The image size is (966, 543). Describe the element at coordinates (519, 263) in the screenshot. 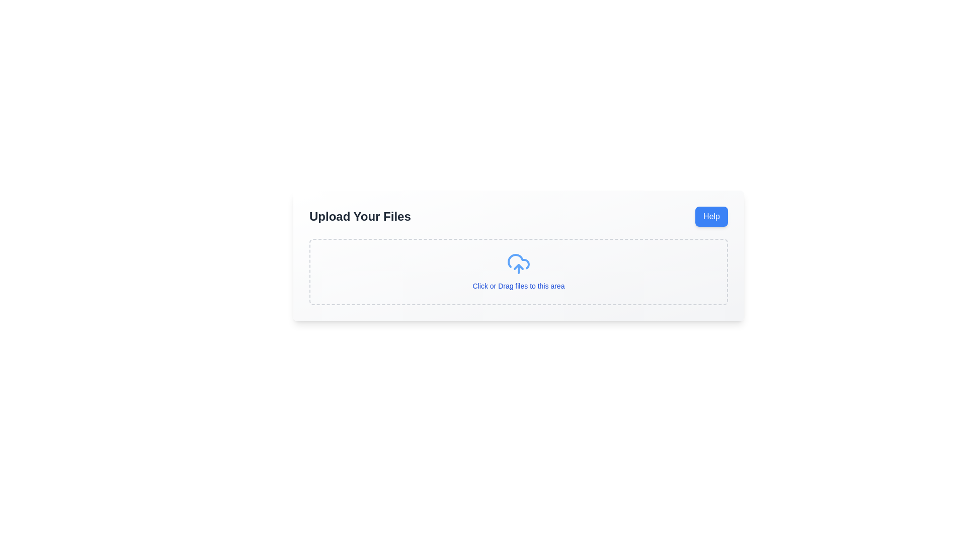

I see `the cloud icon with an upward arrow that represents uploading files, located centrally within the dashed rectangular area beneath the 'Upload Your Files' heading` at that location.